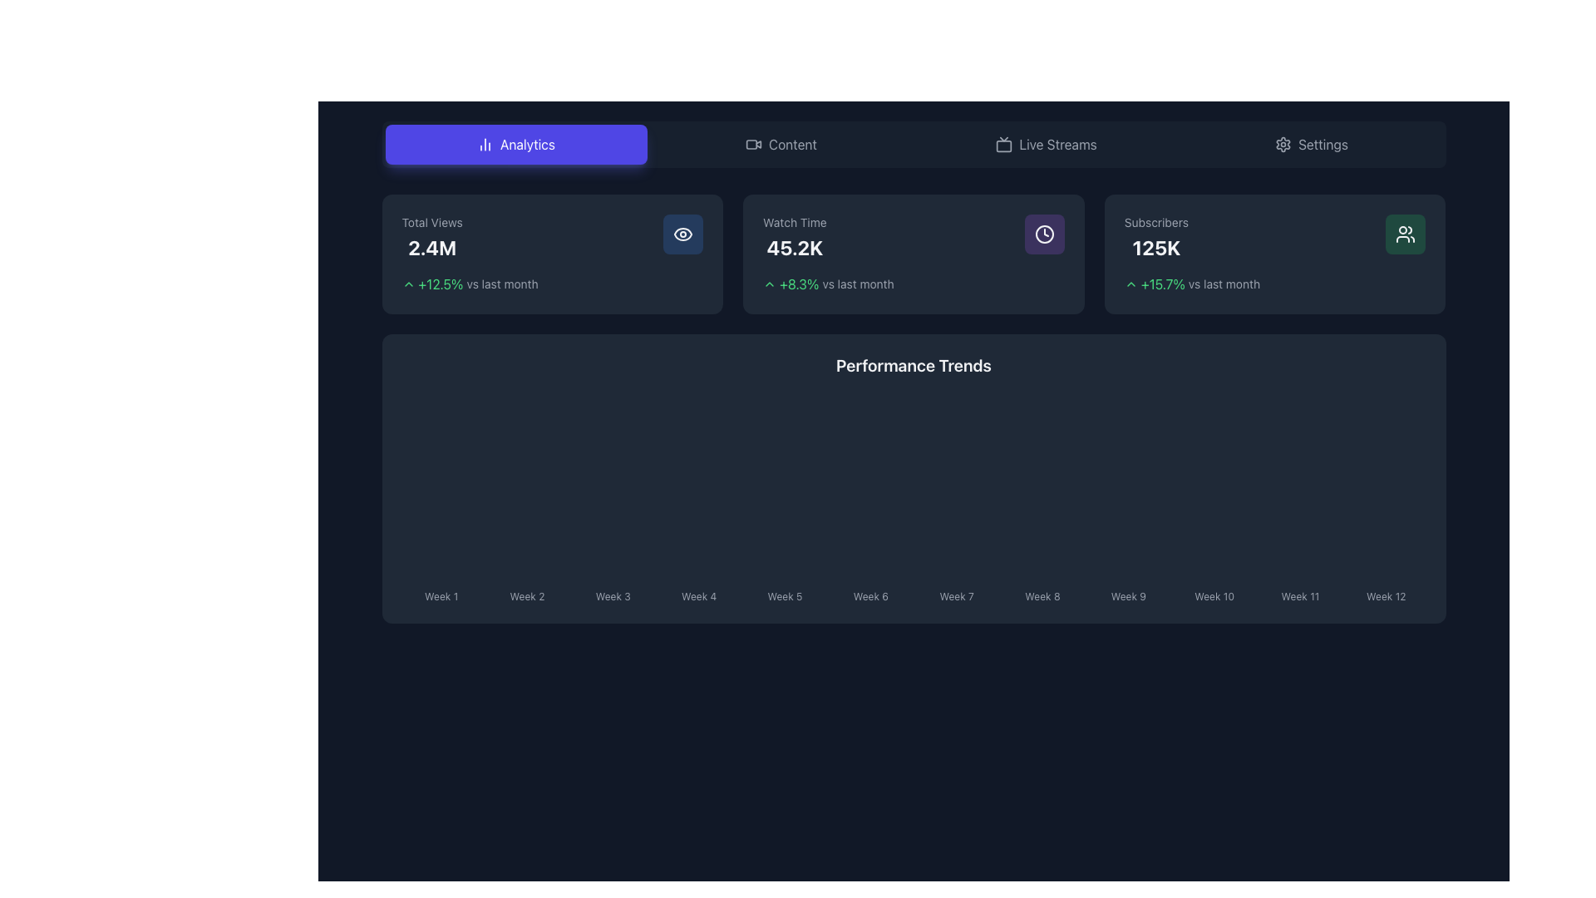  What do you see at coordinates (1299, 592) in the screenshot?
I see `the 'Week 11' text label in the performance trends chart to observe its hover effect` at bounding box center [1299, 592].